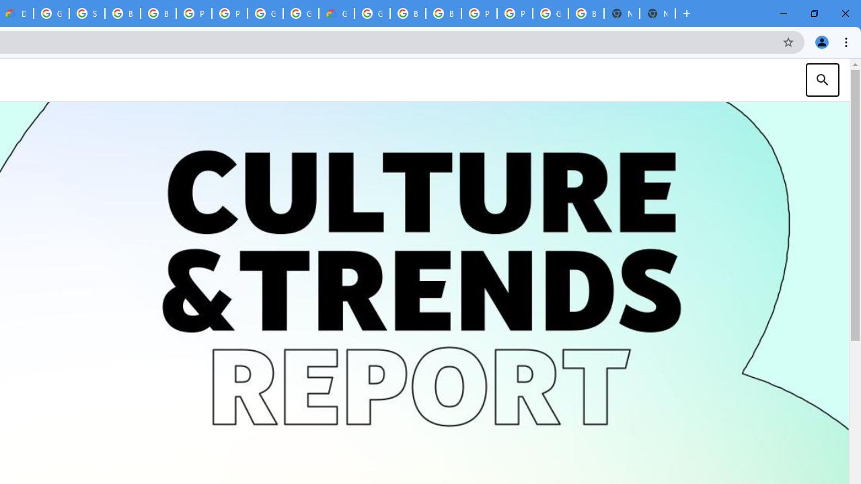 The height and width of the screenshot is (484, 861). Describe the element at coordinates (86, 13) in the screenshot. I see `'Sign in - Google Accounts'` at that location.